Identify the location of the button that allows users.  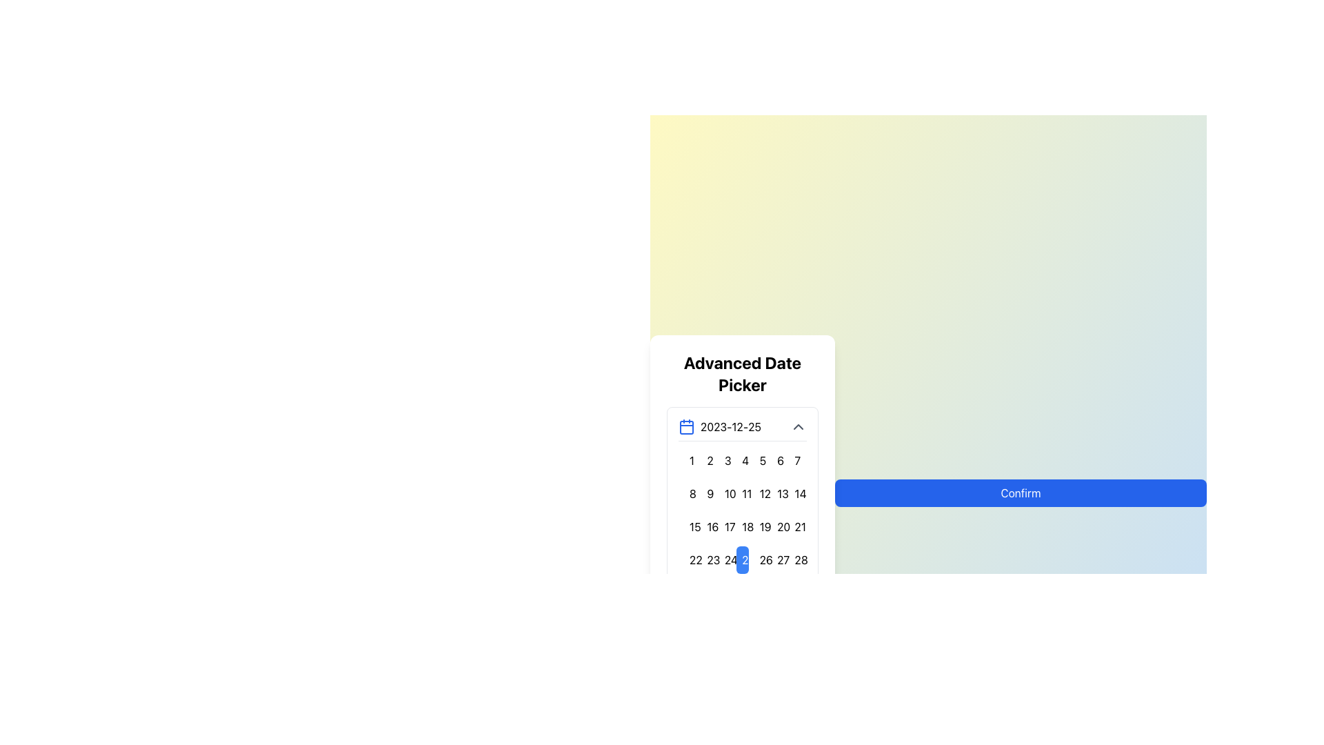
(795, 493).